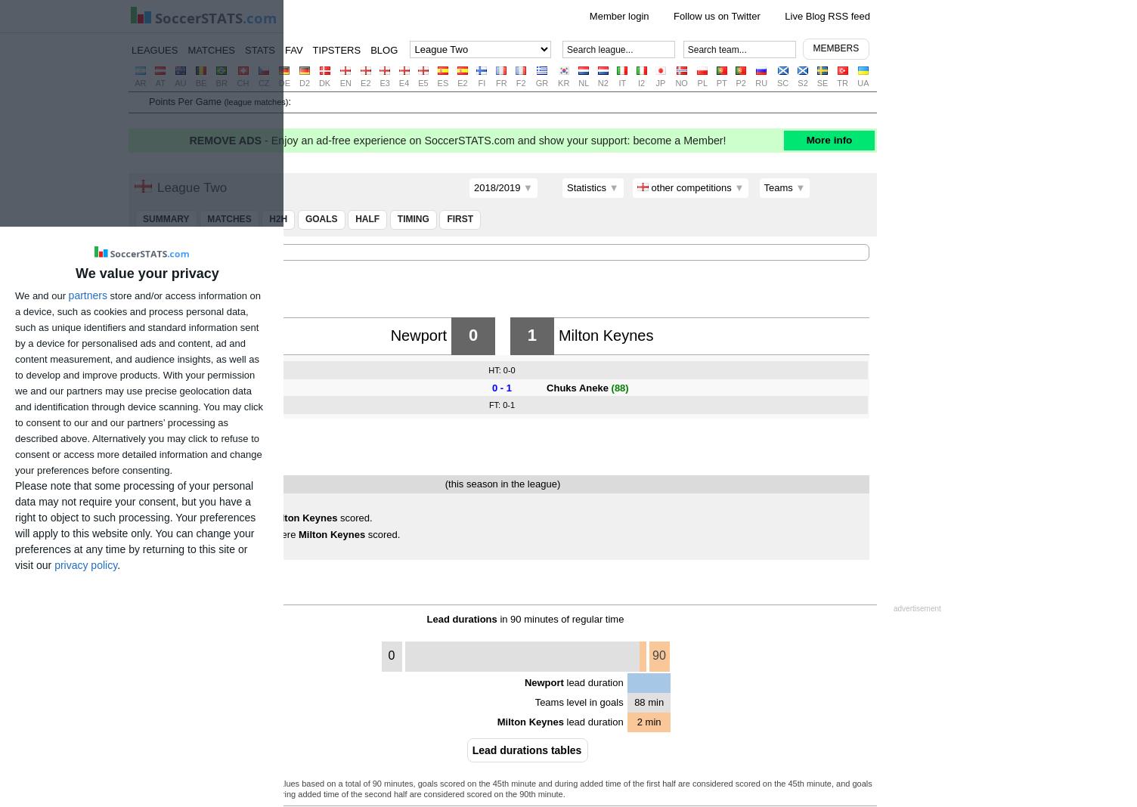 The width and height of the screenshot is (1137, 807). I want to click on 'D2', so click(304, 82).